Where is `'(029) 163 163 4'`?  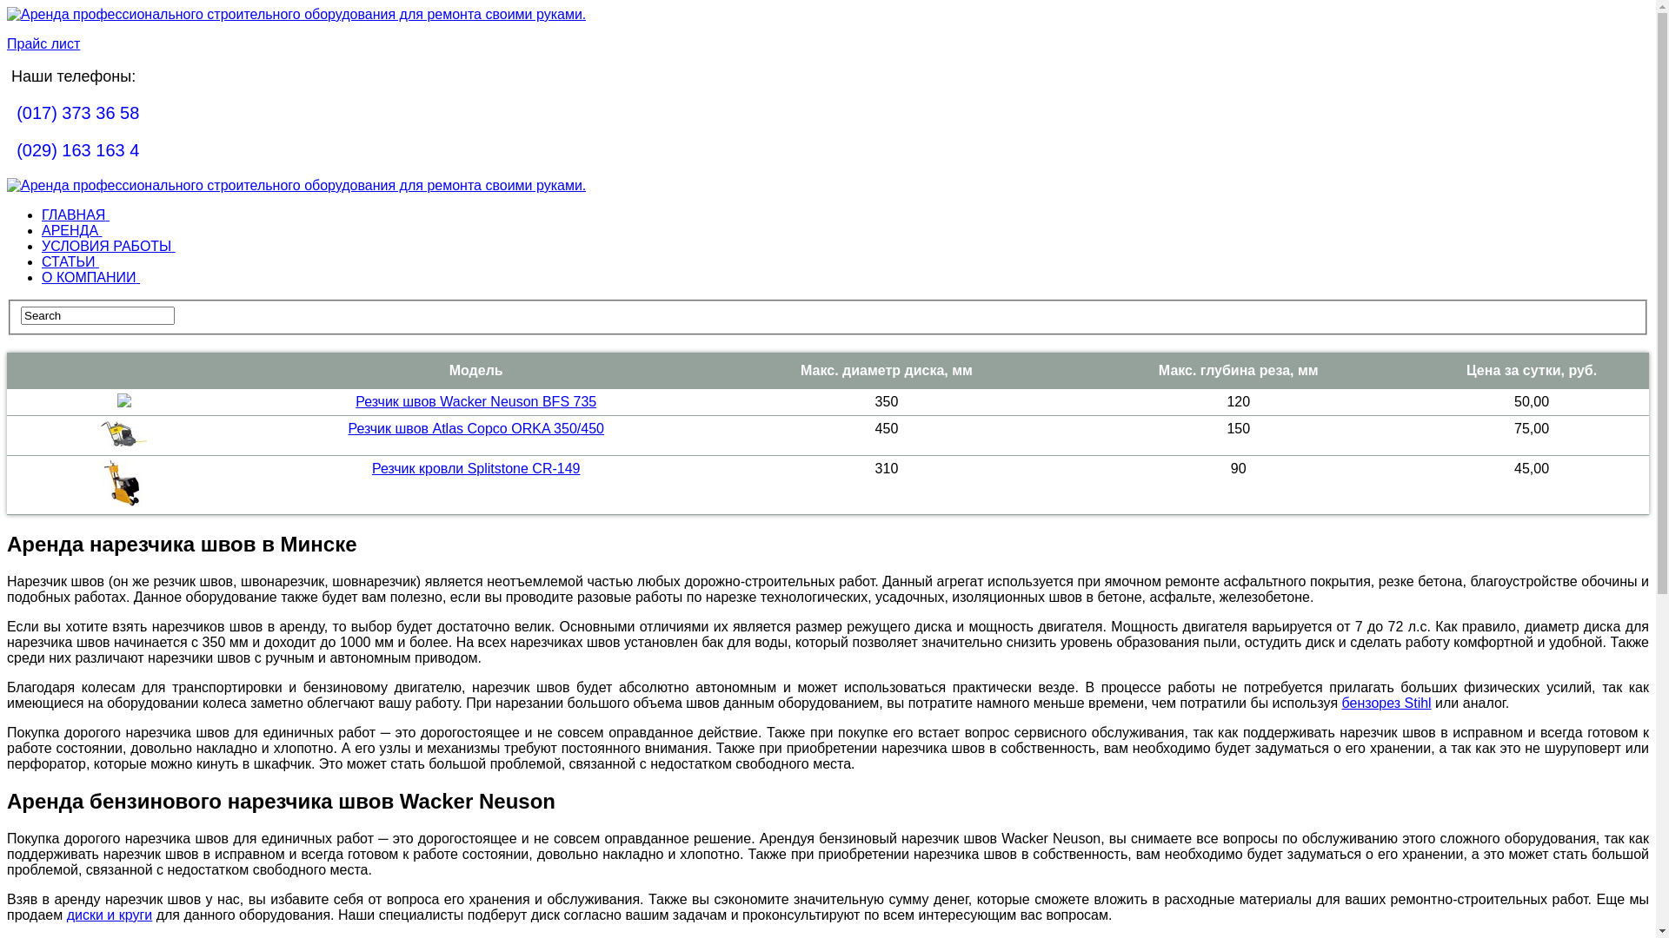 '(029) 163 163 4' is located at coordinates (76, 149).